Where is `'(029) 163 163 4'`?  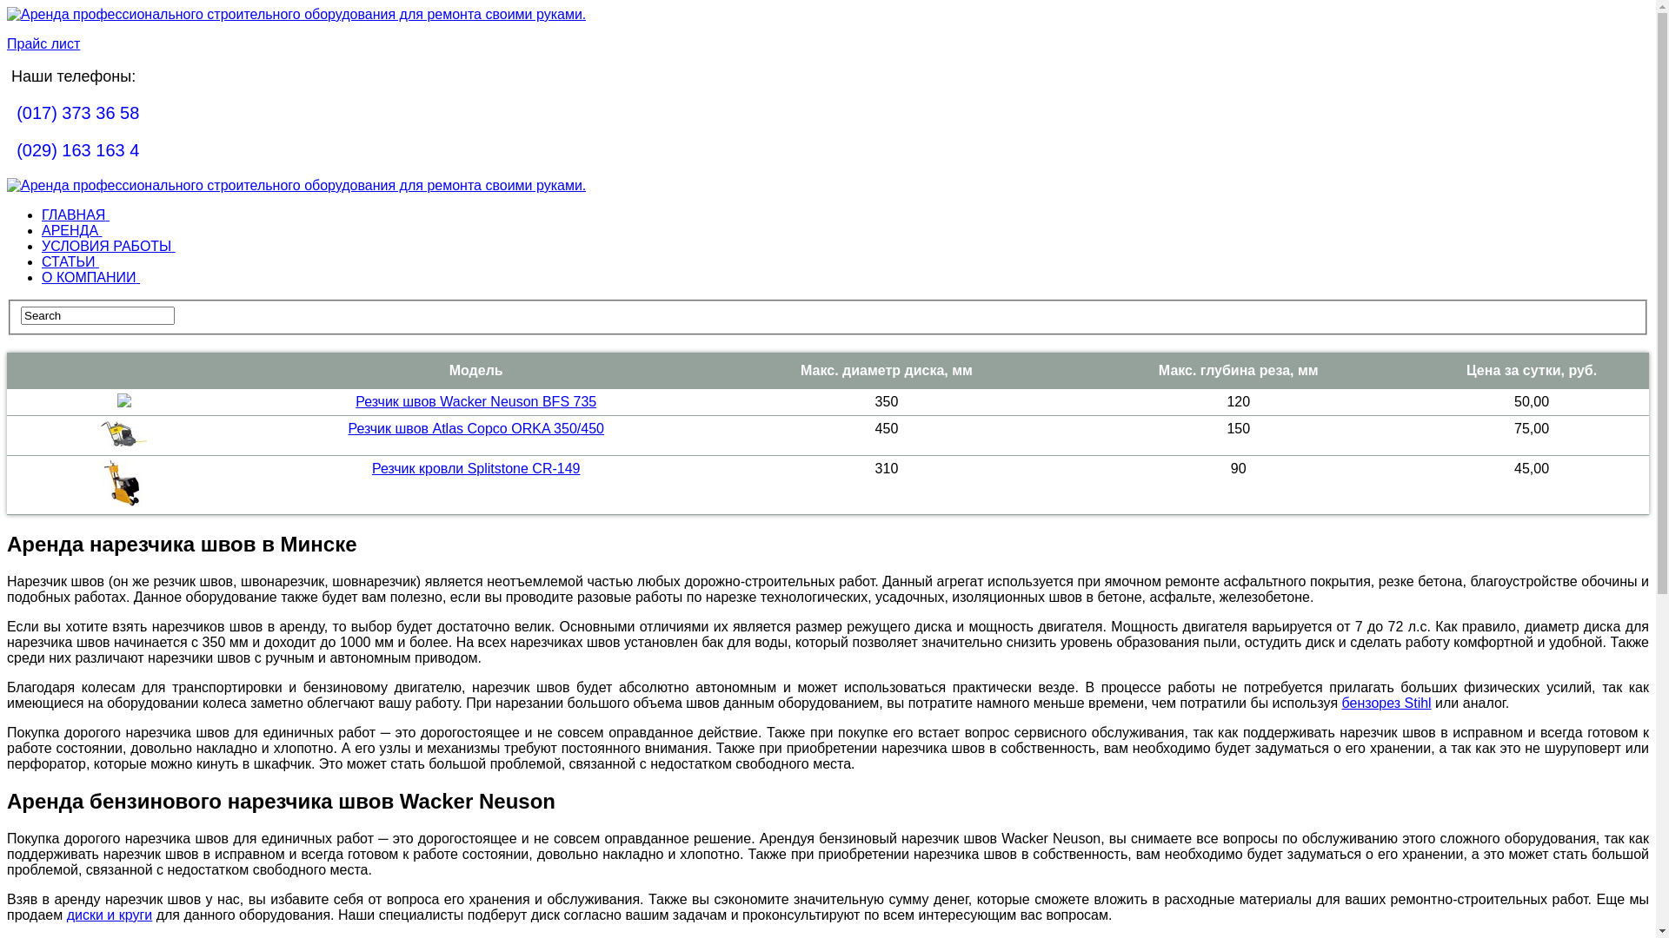 '(029) 163 163 4' is located at coordinates (76, 149).